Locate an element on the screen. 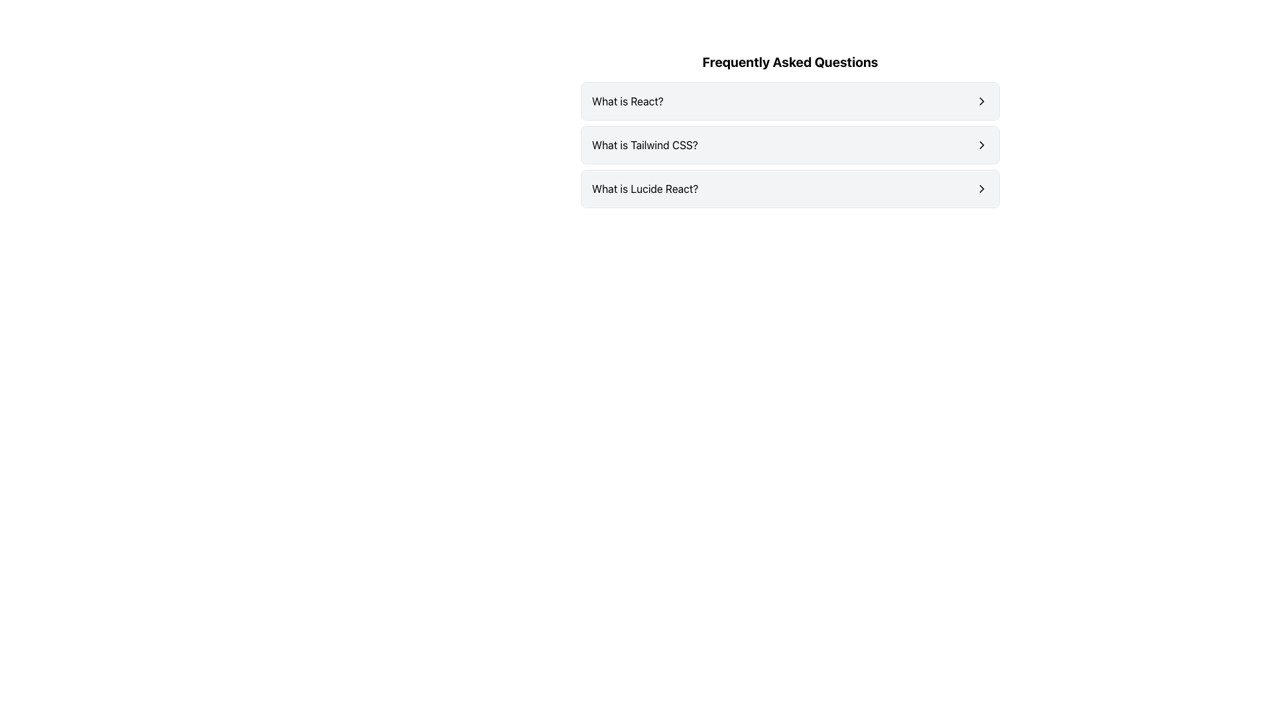 This screenshot has width=1273, height=716. the text element displaying 'What is React?' is located at coordinates (627, 101).